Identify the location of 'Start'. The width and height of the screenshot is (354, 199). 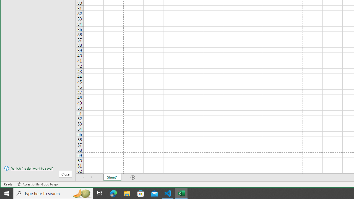
(7, 193).